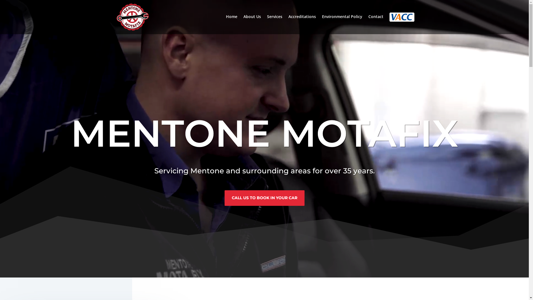 This screenshot has width=533, height=300. I want to click on 'Contact', so click(368, 22).